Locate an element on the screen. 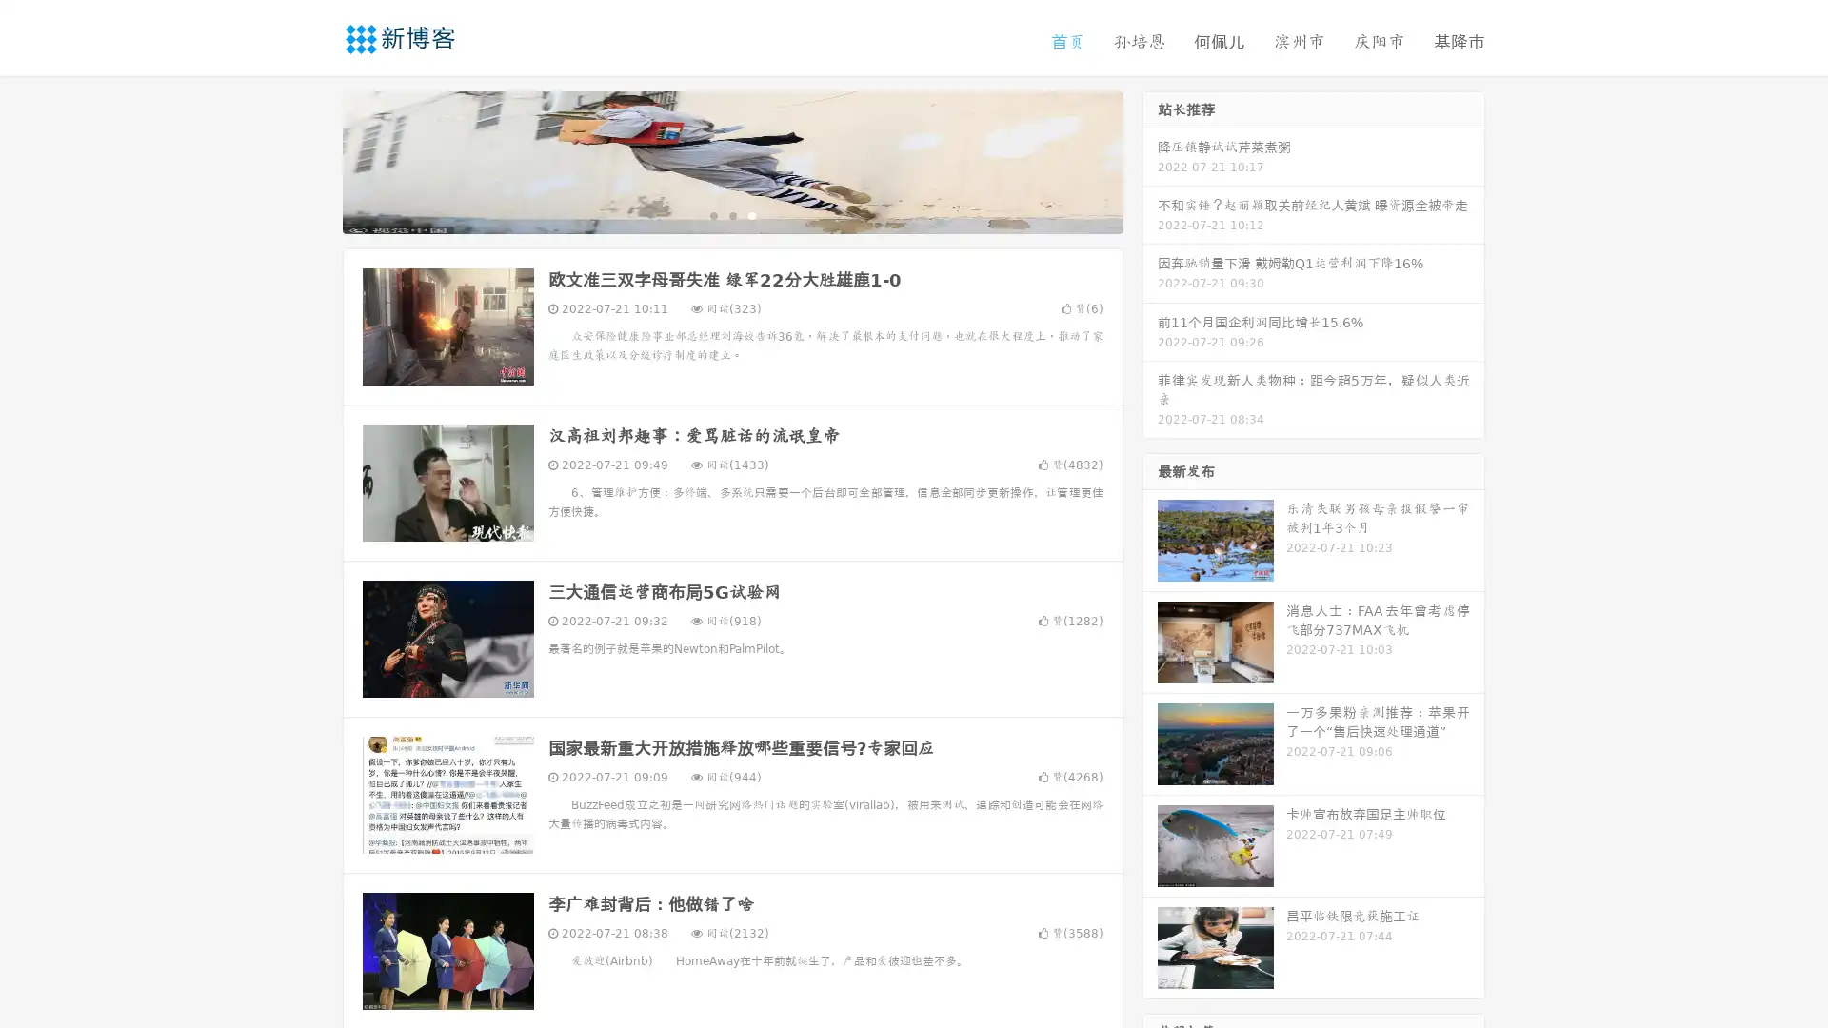 This screenshot has width=1828, height=1028. Next slide is located at coordinates (1150, 160).